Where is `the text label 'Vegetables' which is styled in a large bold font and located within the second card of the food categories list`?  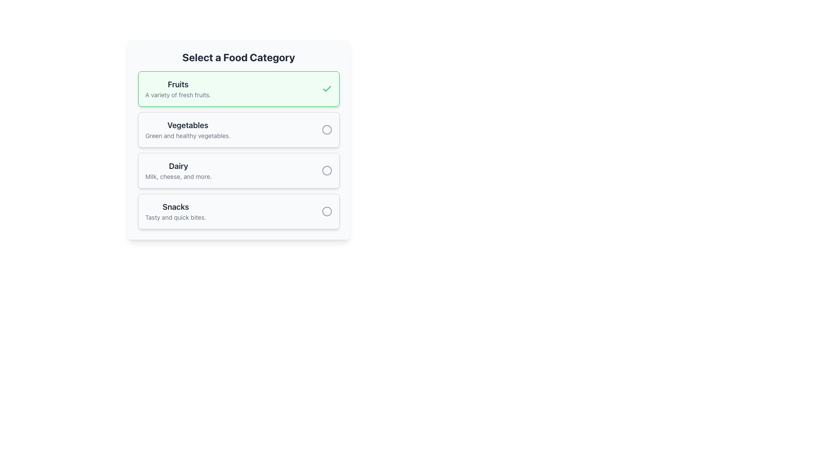 the text label 'Vegetables' which is styled in a large bold font and located within the second card of the food categories list is located at coordinates (187, 126).